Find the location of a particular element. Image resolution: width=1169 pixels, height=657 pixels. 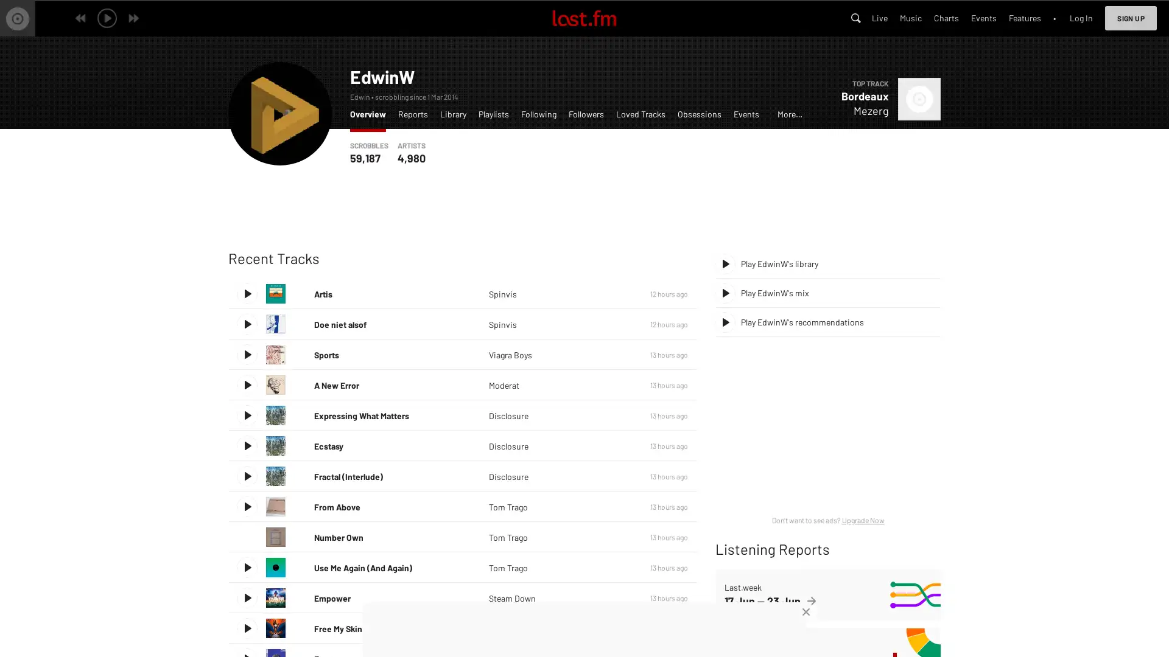

More is located at coordinates (614, 537).